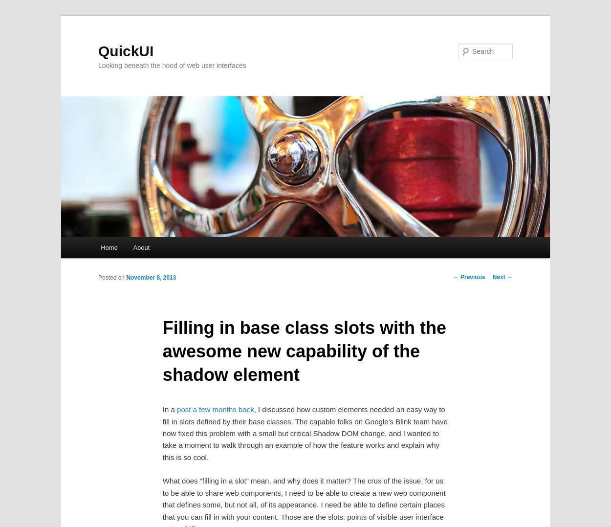 The height and width of the screenshot is (527, 611). I want to click on 'November 8, 2013', so click(151, 277).